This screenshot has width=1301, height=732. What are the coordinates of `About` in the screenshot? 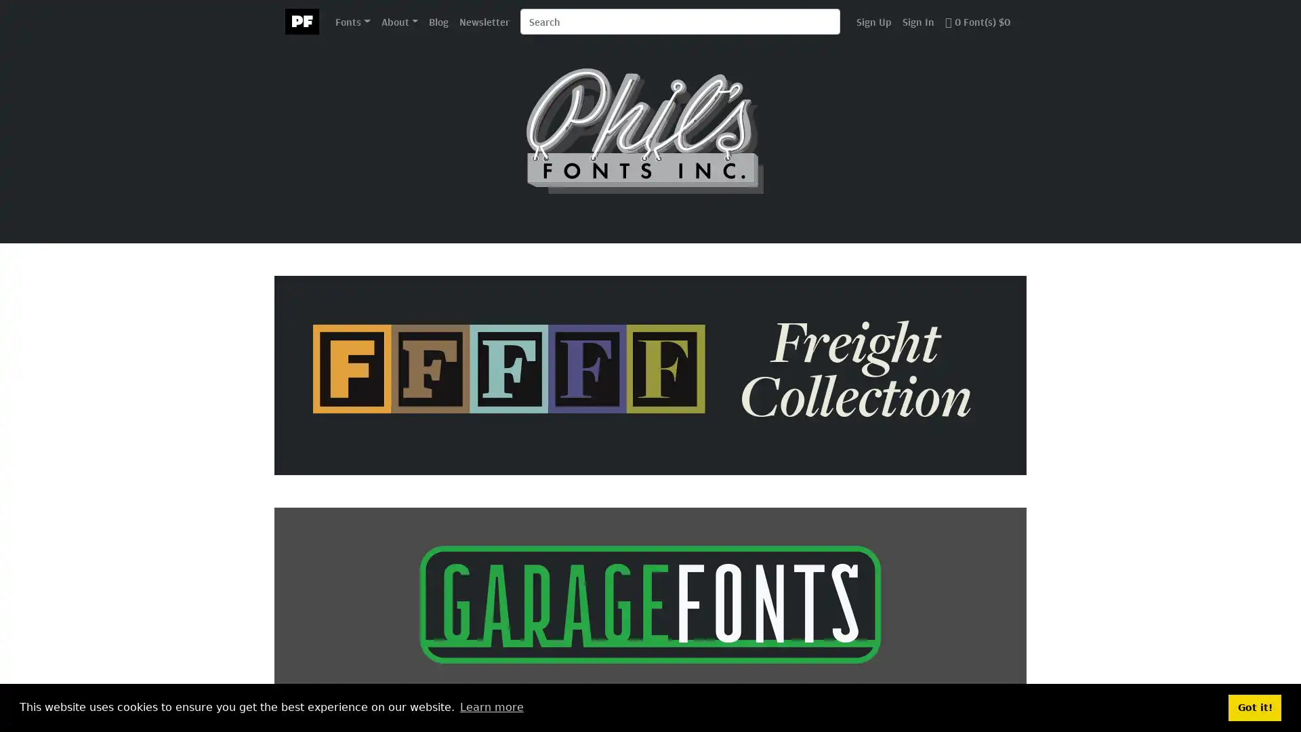 It's located at (398, 20).